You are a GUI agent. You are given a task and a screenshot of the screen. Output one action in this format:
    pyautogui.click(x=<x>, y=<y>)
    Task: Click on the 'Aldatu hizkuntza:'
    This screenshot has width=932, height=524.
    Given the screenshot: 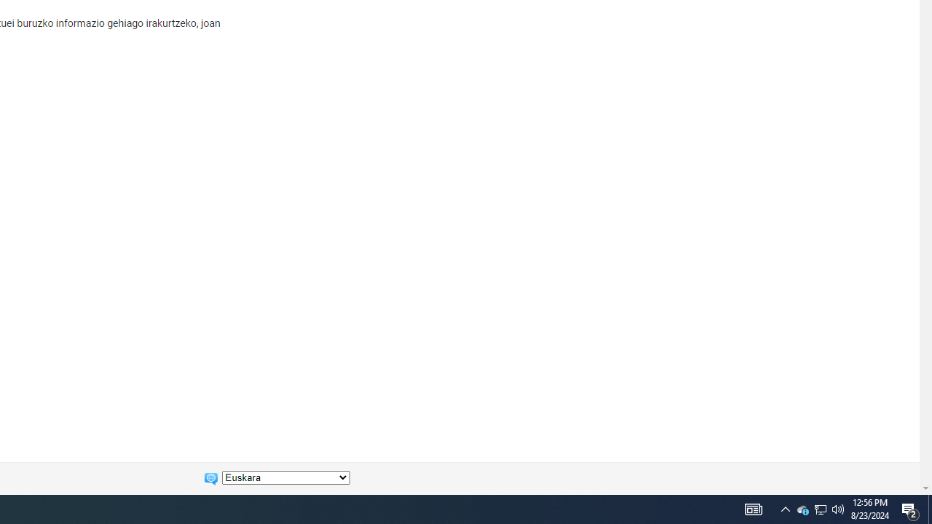 What is the action you would take?
    pyautogui.click(x=285, y=477)
    